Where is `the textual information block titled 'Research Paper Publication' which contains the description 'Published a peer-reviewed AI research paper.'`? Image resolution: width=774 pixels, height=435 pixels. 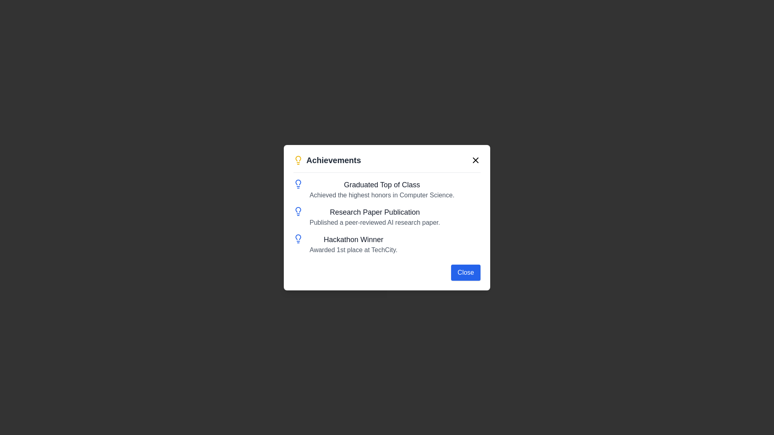
the textual information block titled 'Research Paper Publication' which contains the description 'Published a peer-reviewed AI research paper.' is located at coordinates (374, 216).